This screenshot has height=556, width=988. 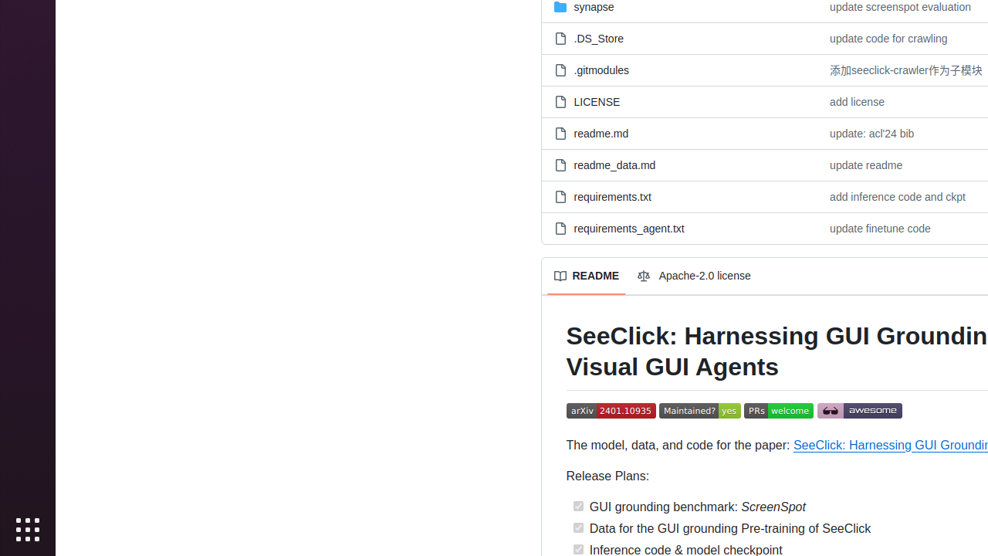 What do you see at coordinates (906, 69) in the screenshot?
I see `'添加seeclick-crawler作为子模块'` at bounding box center [906, 69].